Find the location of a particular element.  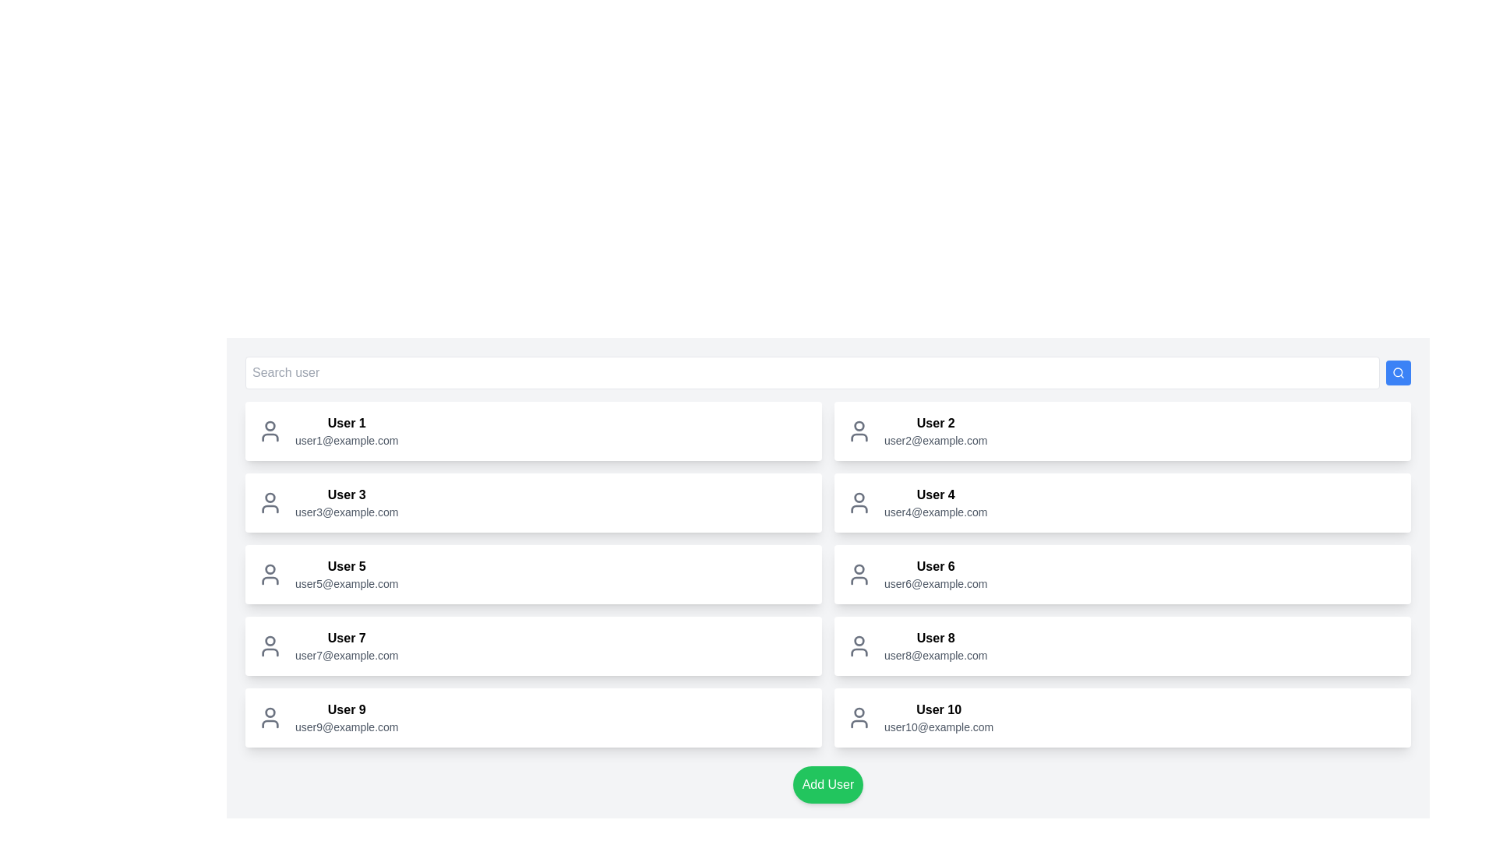

the circular graphical element representing the head portion of the user icon for 'User 5' in the user profile list is located at coordinates (270, 569).